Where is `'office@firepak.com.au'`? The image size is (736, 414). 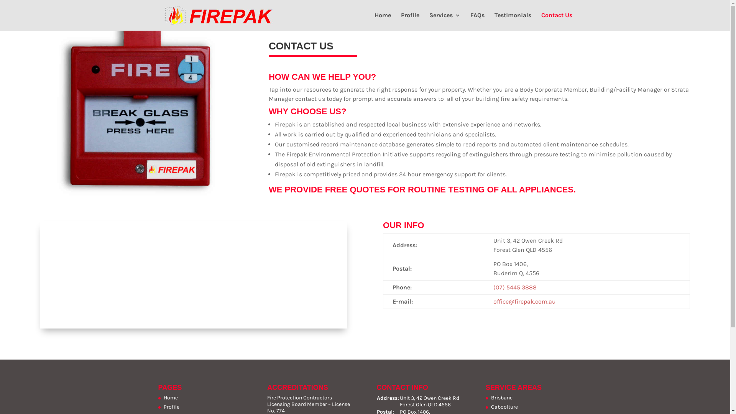
'office@firepak.com.au' is located at coordinates (524, 301).